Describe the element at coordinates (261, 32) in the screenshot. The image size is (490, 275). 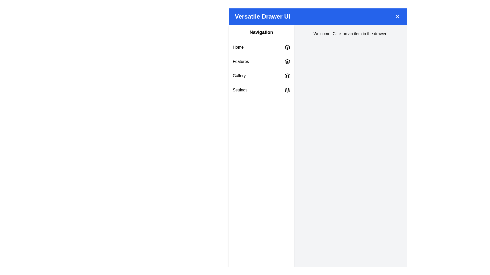
I see `the static text header that labels the navigation menu, located at the top of the left-side vertical drawer menu` at that location.